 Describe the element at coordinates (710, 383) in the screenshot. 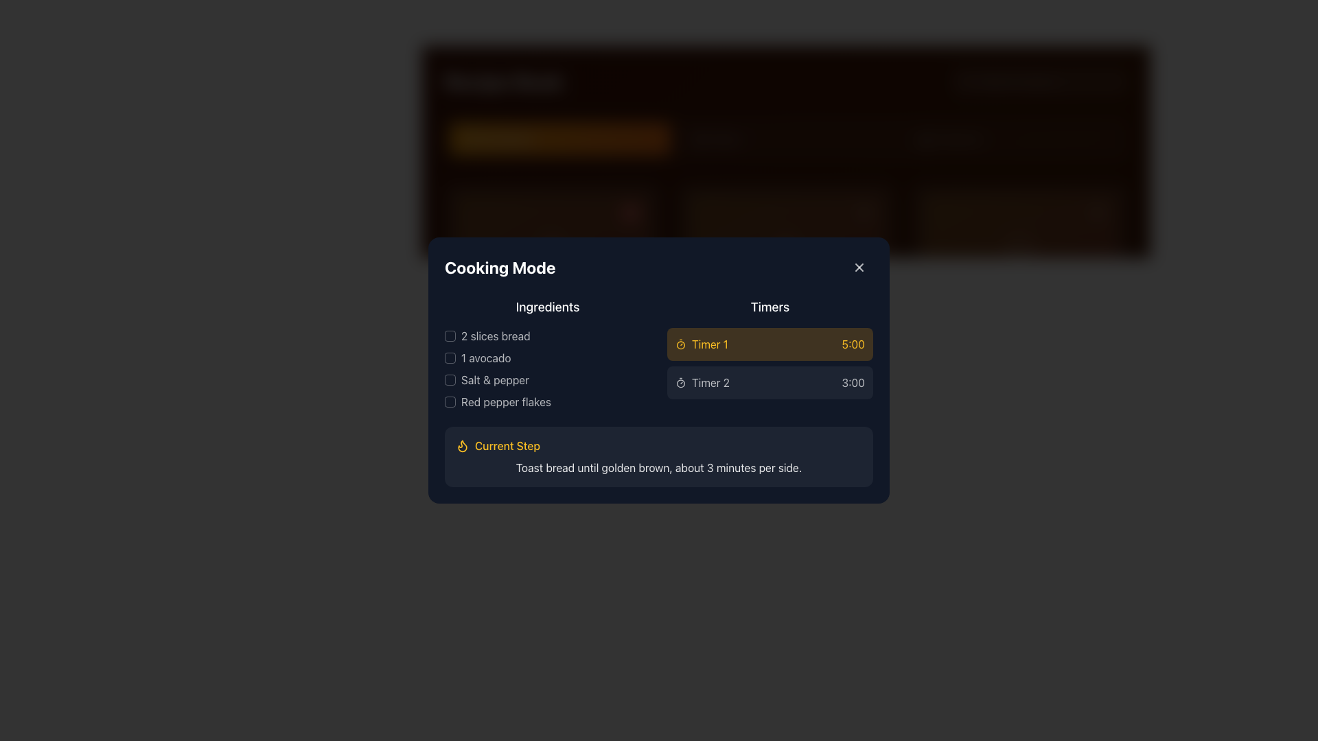

I see `the 'Timer 2' label, which is styled in bold font on a dark blue background within the 'Timers' section of a modal interface` at that location.